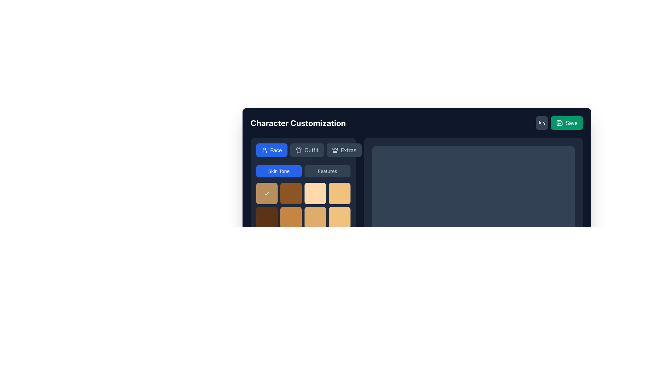 This screenshot has width=654, height=367. Describe the element at coordinates (327, 171) in the screenshot. I see `the 'Features' button, which is a rectangular button with light gray text on a dark slate gray background, located to the right of the 'Skin Tone' button under the 'Character Customization' heading` at that location.